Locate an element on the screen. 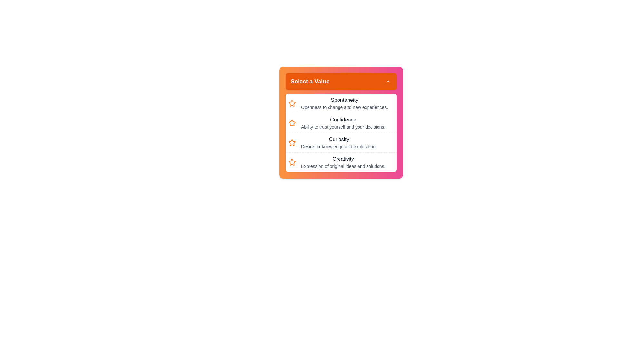 This screenshot has width=619, height=348. the star-shaped icon with an orange outline and a white interior, which is the first icon in the dropdown list under the 'Select a Value' heading, aligned with the text labeled 'Spontaneity' is located at coordinates (292, 103).